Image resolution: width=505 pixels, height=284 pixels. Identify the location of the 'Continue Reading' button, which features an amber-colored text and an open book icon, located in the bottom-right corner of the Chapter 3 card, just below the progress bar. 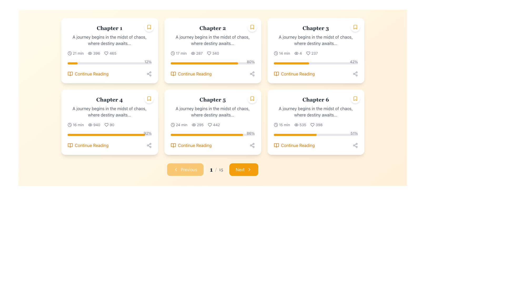
(294, 74).